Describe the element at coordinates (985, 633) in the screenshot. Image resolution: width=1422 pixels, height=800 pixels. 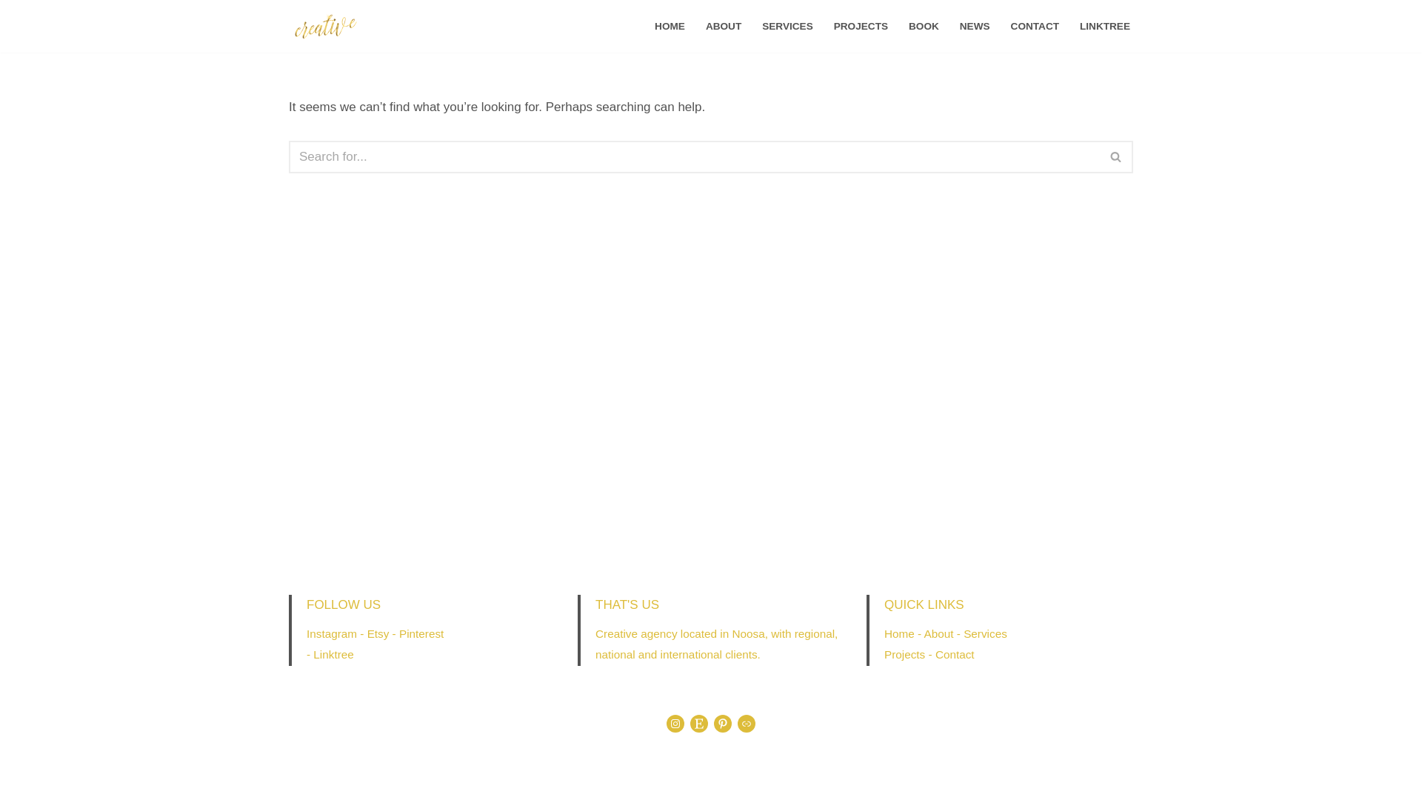
I see `'Services'` at that location.